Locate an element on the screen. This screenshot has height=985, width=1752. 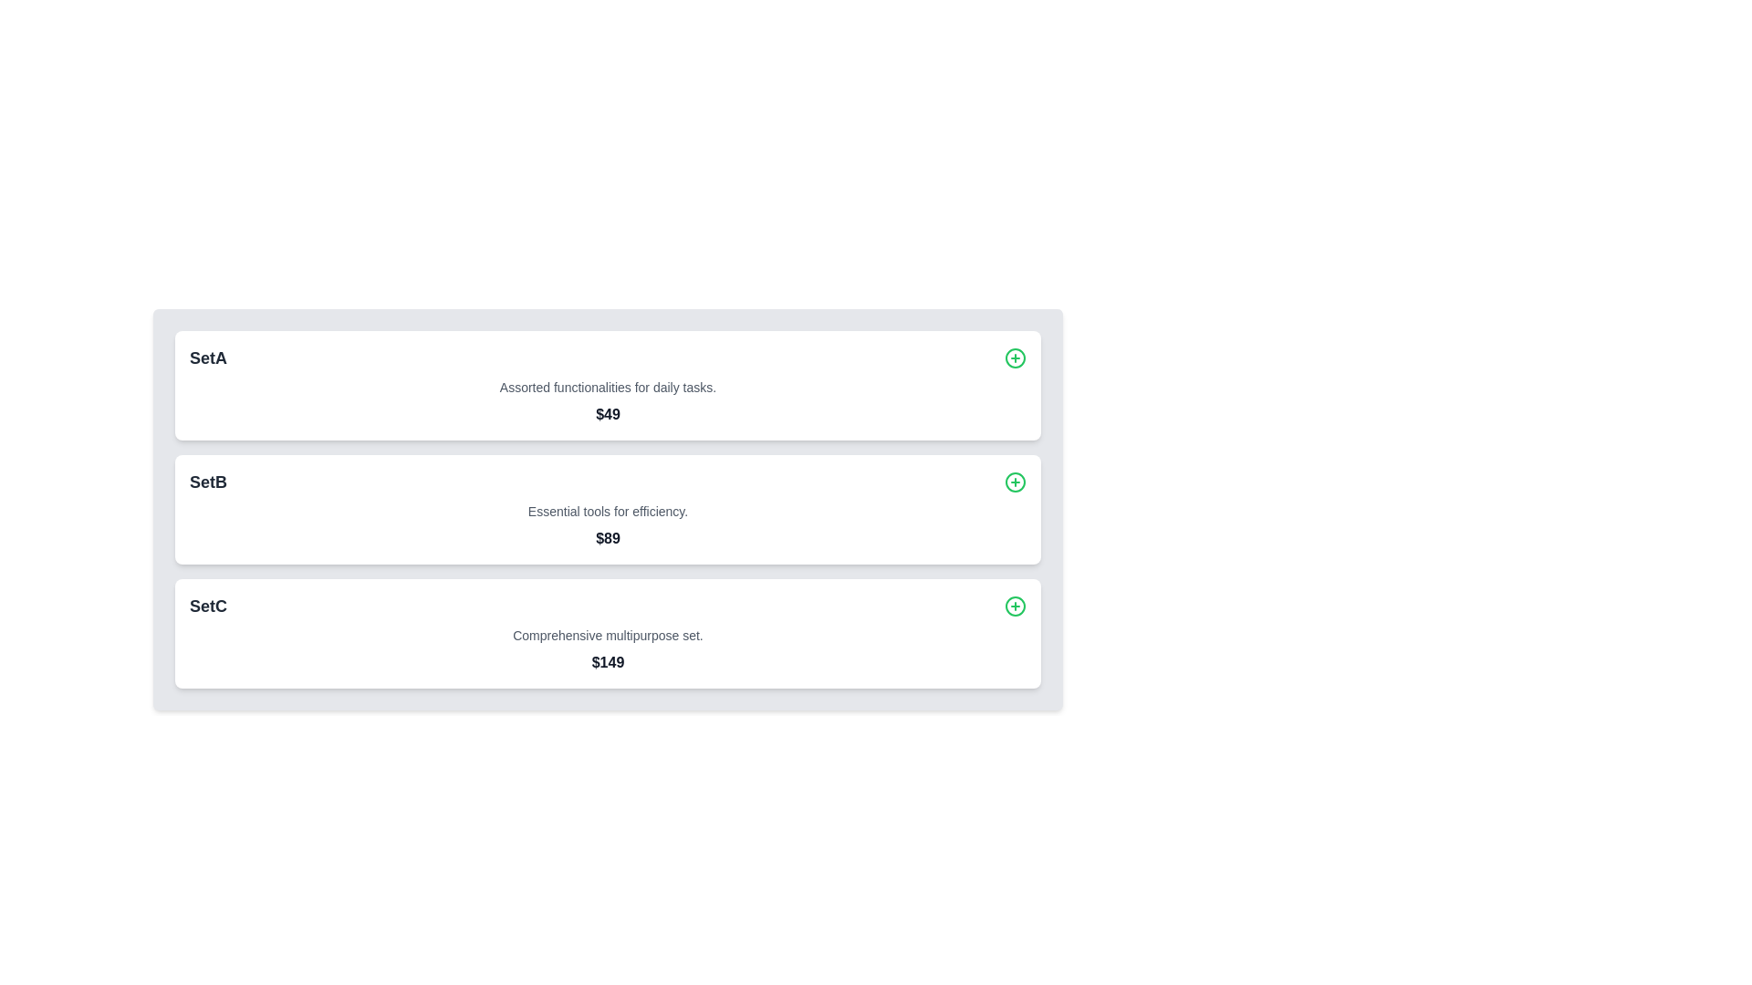
descriptive text label that contains 'Comprehensive multipurpose set.' located beneath the title 'SetC' and above the price '$149' is located at coordinates (608, 635).